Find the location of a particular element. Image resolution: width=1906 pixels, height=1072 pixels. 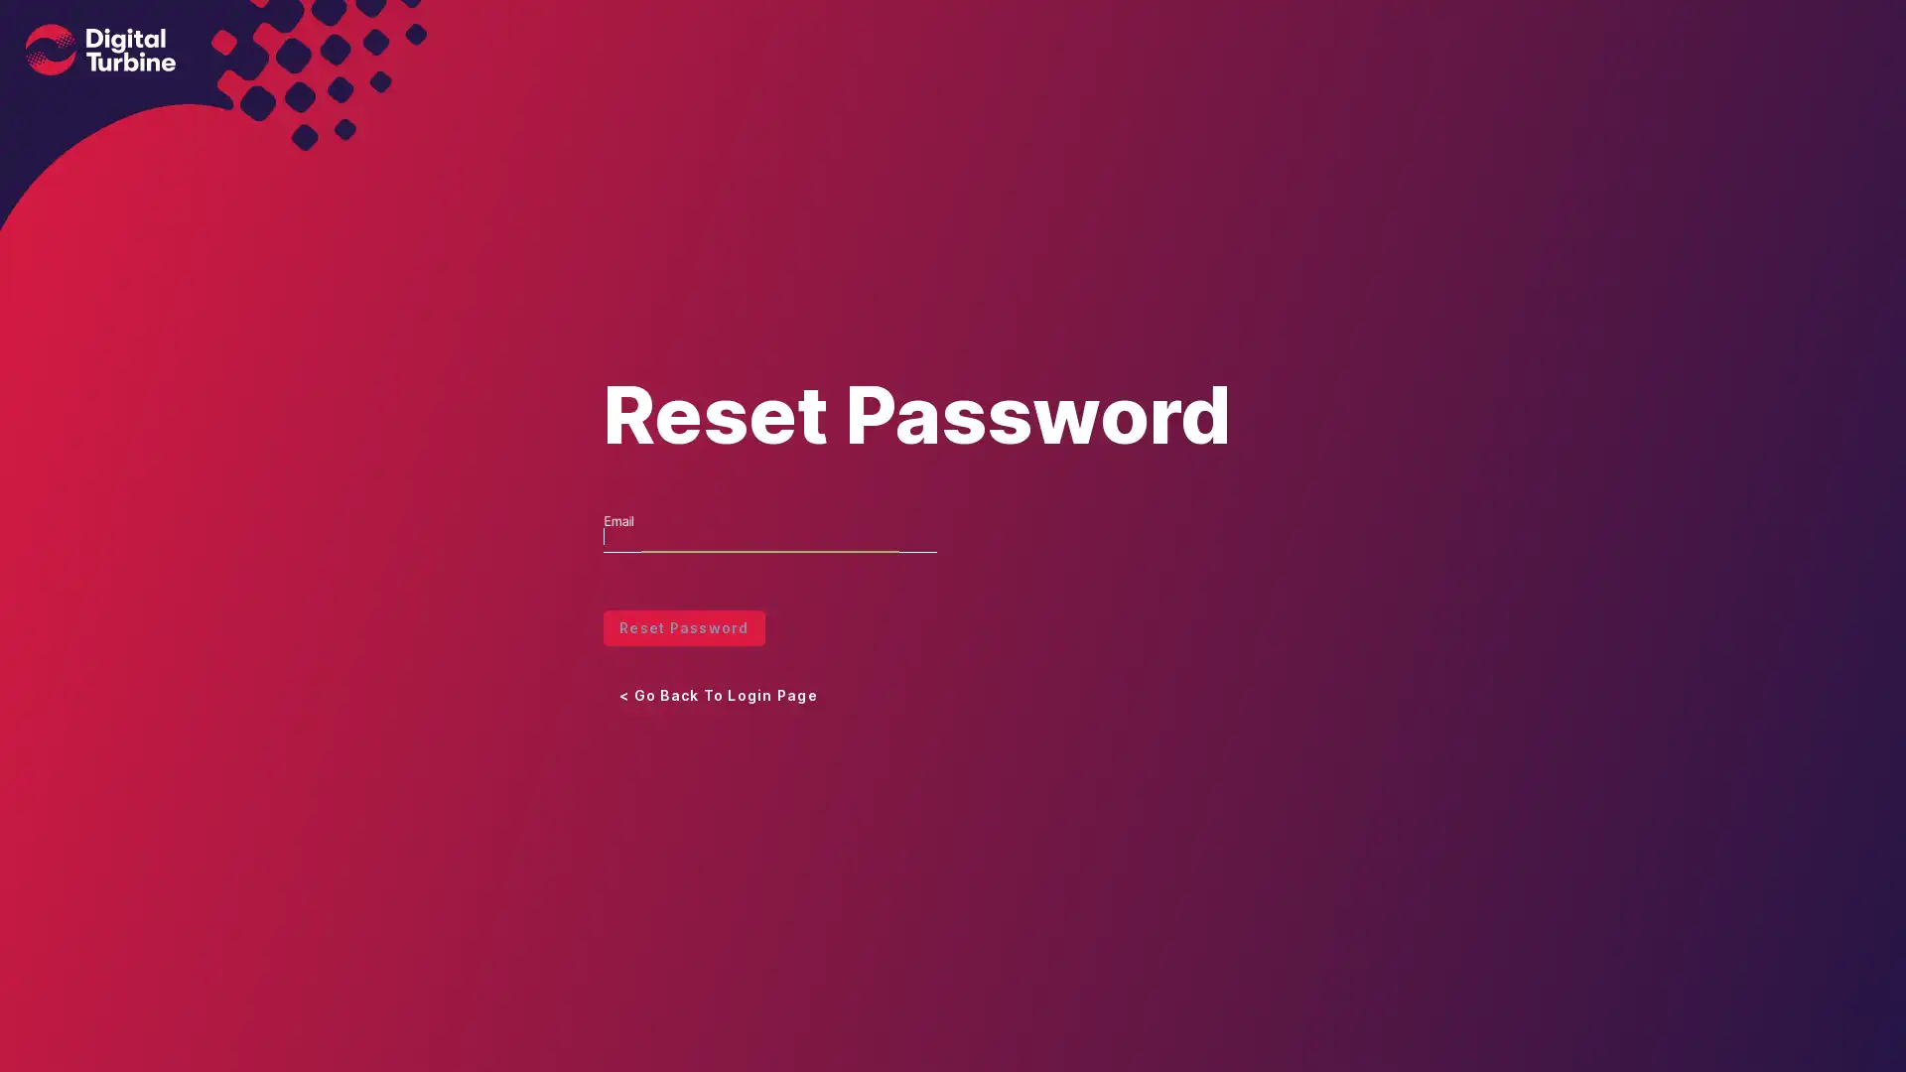

Reset Password is located at coordinates (684, 627).